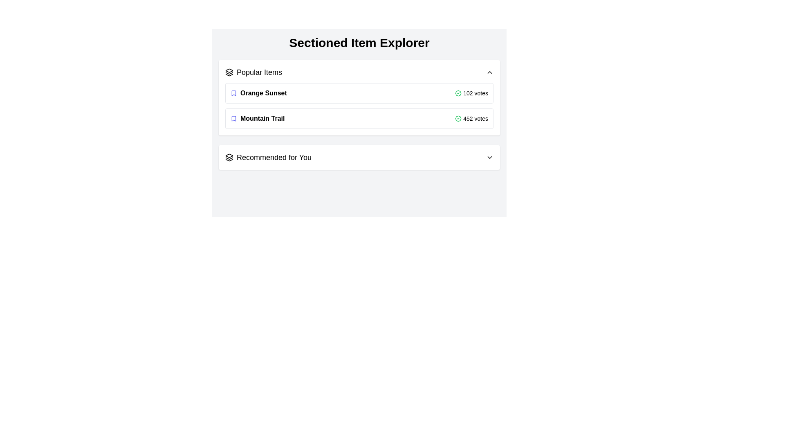 This screenshot has width=785, height=442. Describe the element at coordinates (490, 72) in the screenshot. I see `the upward-pointing chevron arrow icon located at the far right of the 'Popular Items' section header` at that location.